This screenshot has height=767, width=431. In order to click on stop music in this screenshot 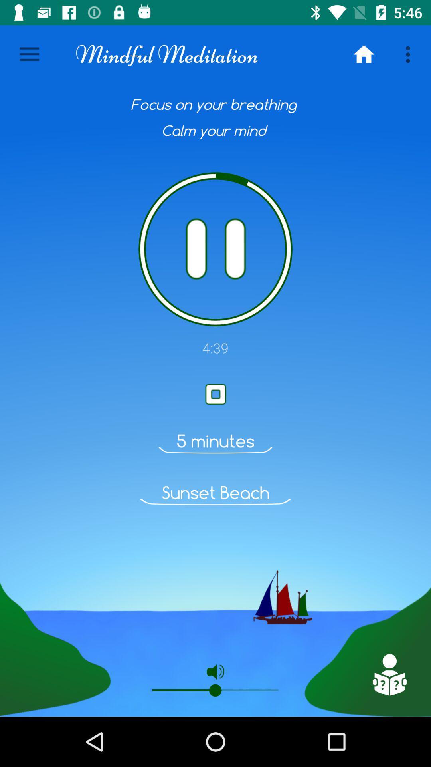, I will do `click(215, 394)`.